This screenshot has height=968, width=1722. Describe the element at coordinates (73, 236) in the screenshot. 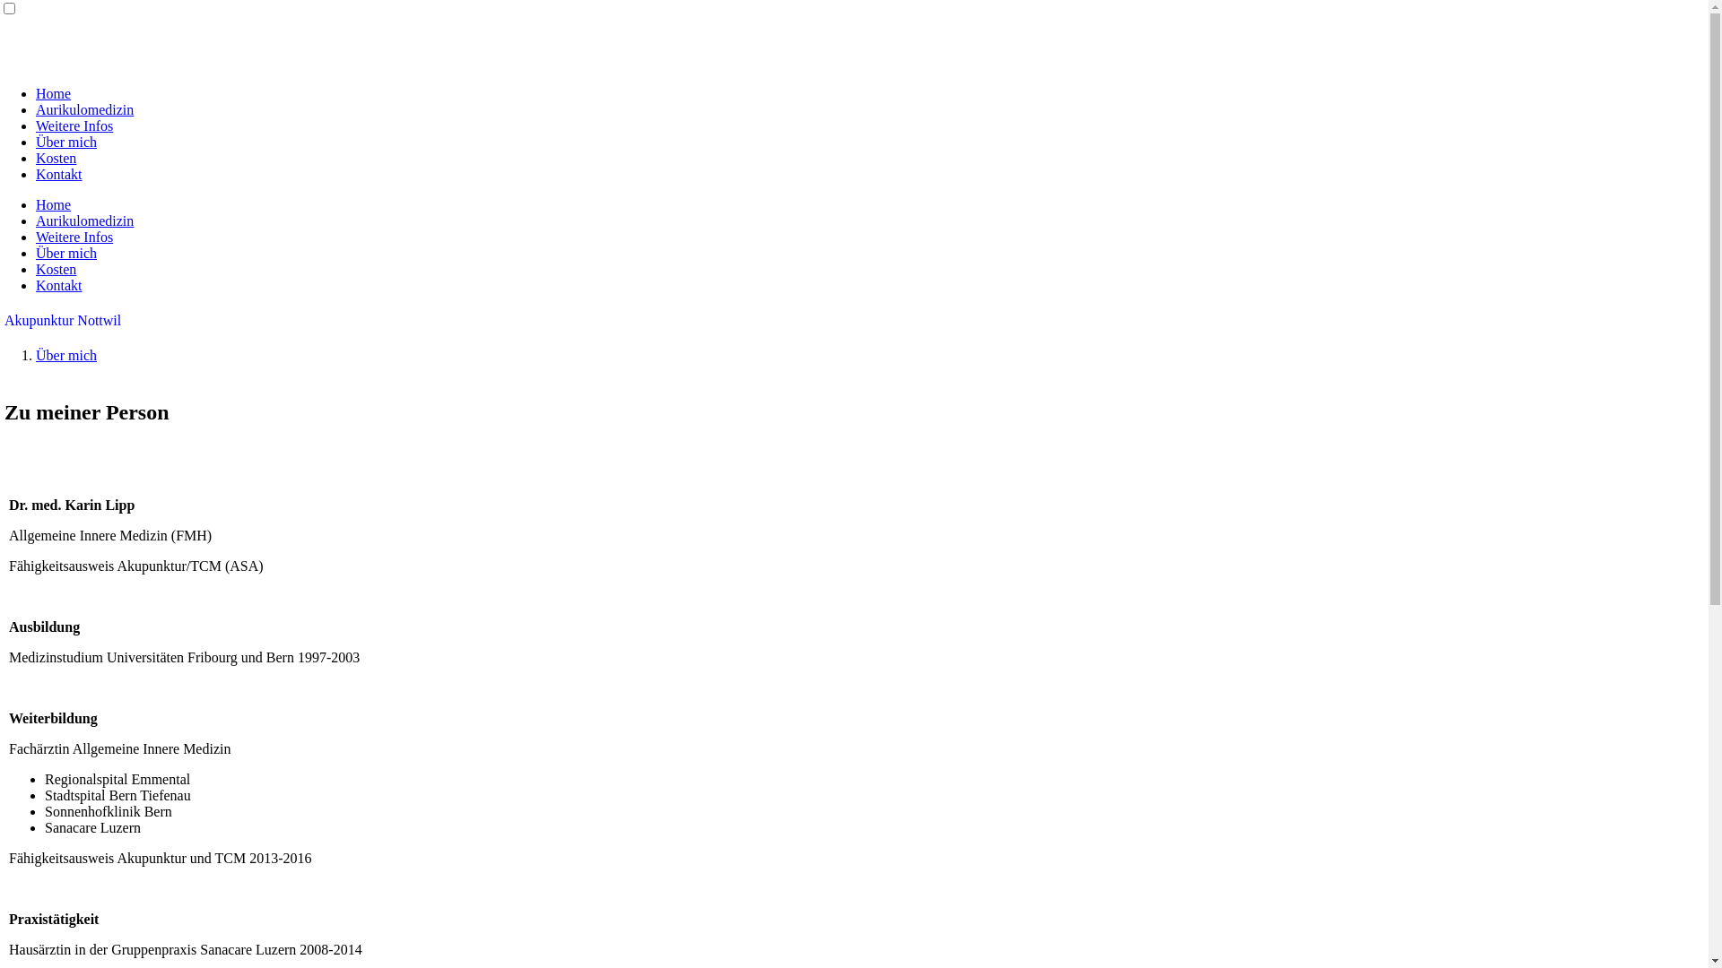

I see `'Weitere Infos'` at that location.